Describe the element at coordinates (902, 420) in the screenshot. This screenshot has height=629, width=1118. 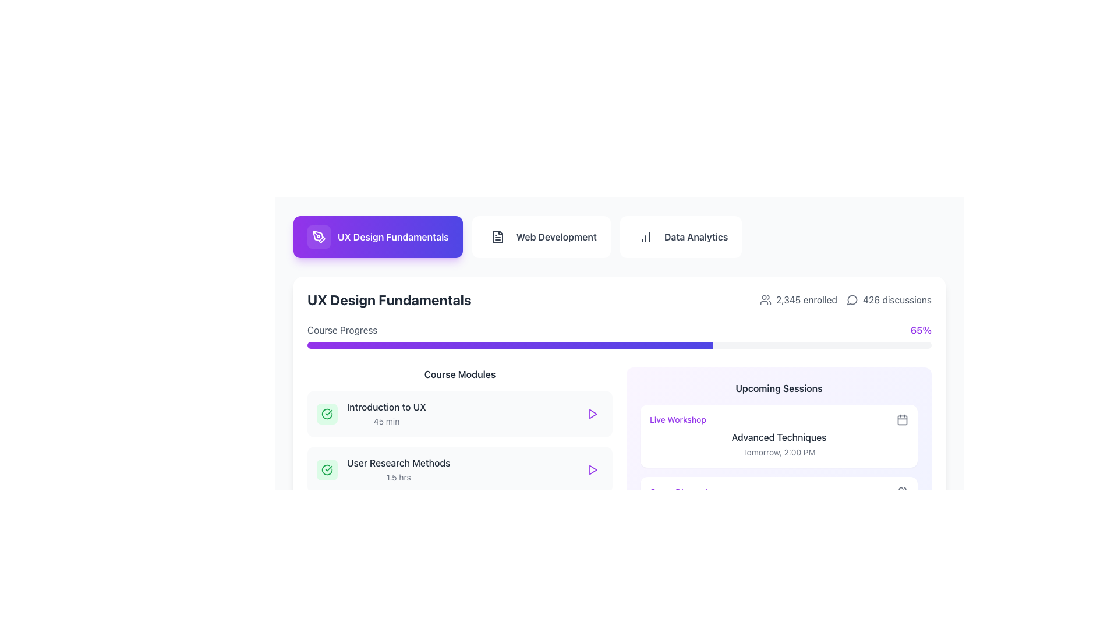
I see `the calendar SVG icon located to the right of the 'Live Workshop' text in the 'Upcoming Sessions' section` at that location.